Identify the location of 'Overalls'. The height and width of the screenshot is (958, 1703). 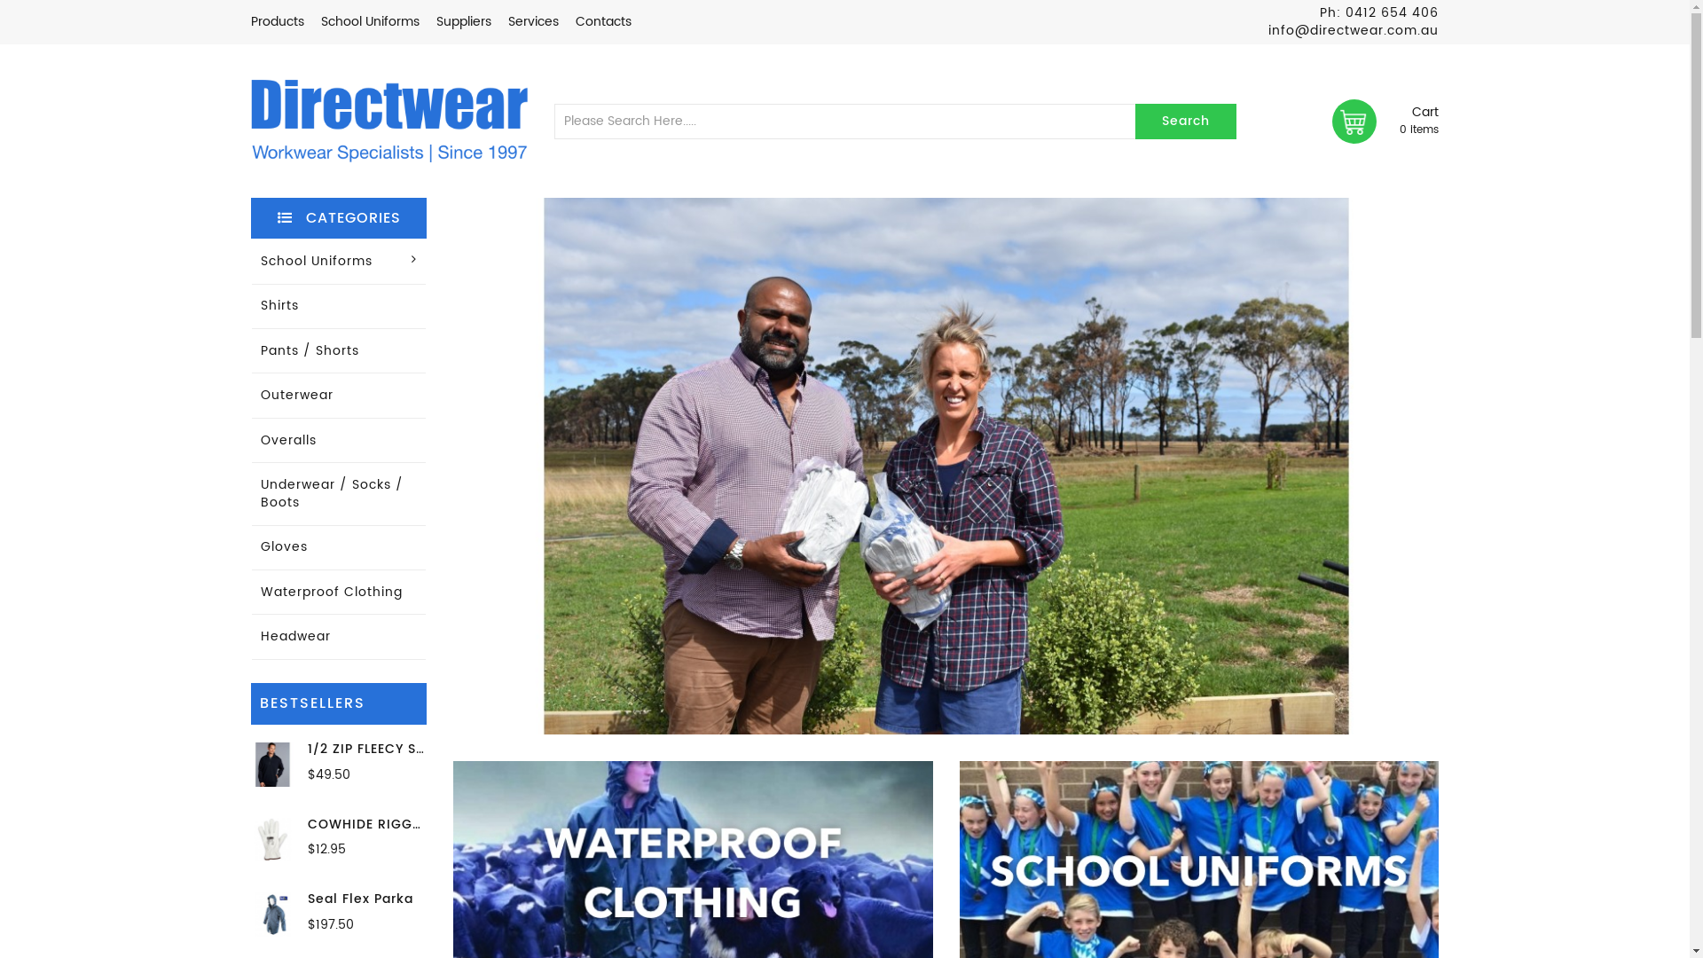
(250, 440).